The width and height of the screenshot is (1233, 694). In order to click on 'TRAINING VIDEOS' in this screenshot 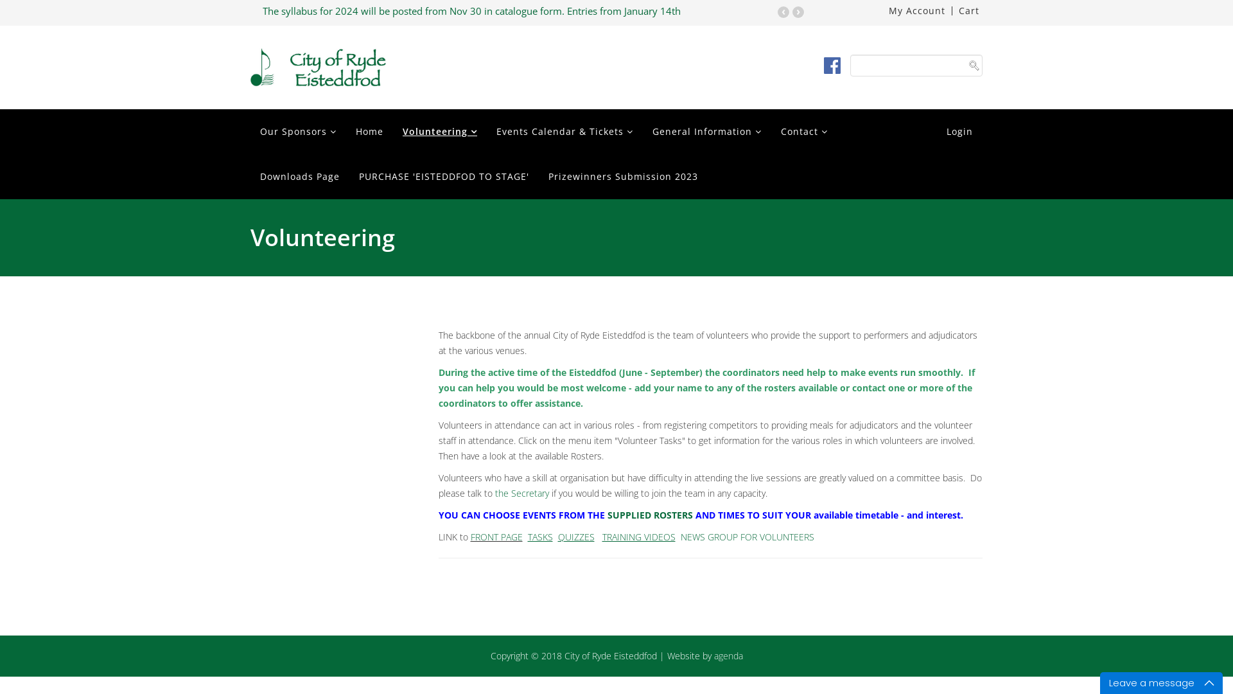, I will do `click(638, 537)`.